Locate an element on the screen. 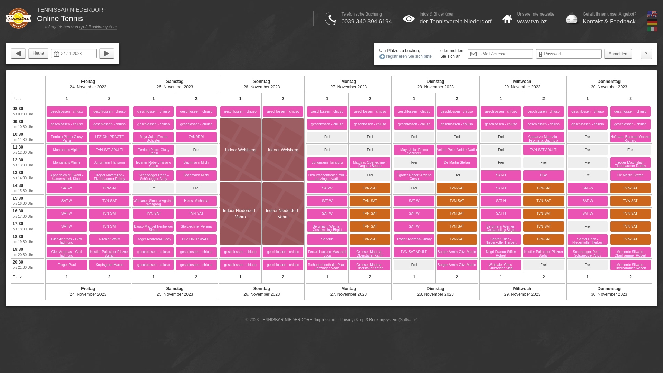 The width and height of the screenshot is (663, 373). 'Kontakt & Feedback' is located at coordinates (609, 21).